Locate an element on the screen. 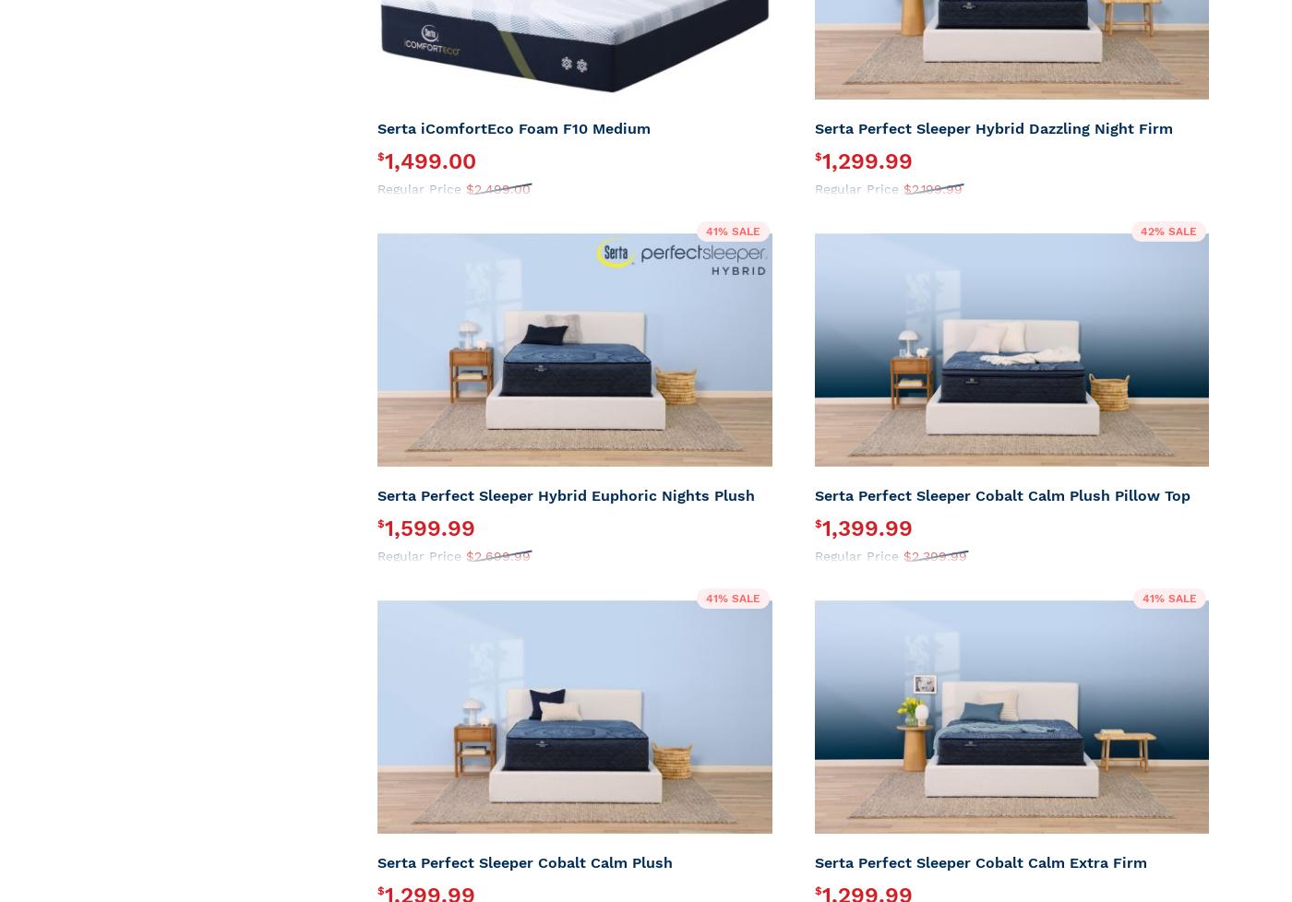 The width and height of the screenshot is (1292, 902). 'Serta Perfect Sleeper Cobalt Calm Extra Firm' is located at coordinates (980, 861).